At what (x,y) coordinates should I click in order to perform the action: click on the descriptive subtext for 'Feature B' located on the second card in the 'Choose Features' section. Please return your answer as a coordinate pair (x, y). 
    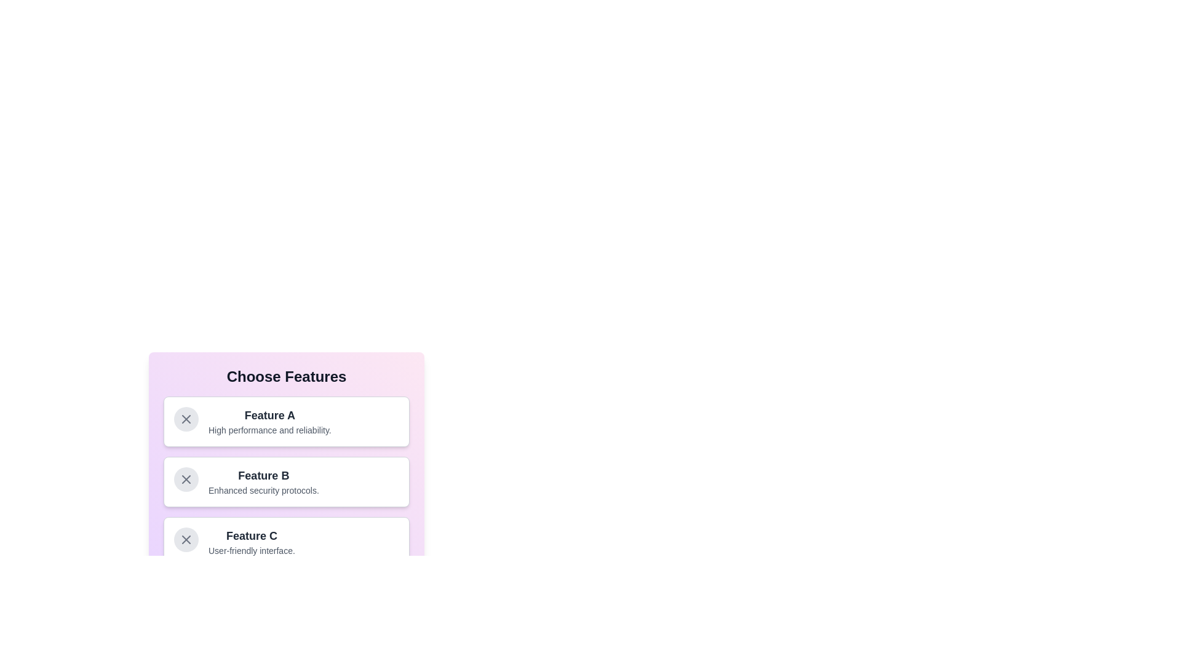
    Looking at the image, I should click on (263, 490).